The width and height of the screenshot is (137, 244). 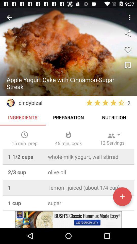 What do you see at coordinates (127, 49) in the screenshot?
I see `make favorite` at bounding box center [127, 49].